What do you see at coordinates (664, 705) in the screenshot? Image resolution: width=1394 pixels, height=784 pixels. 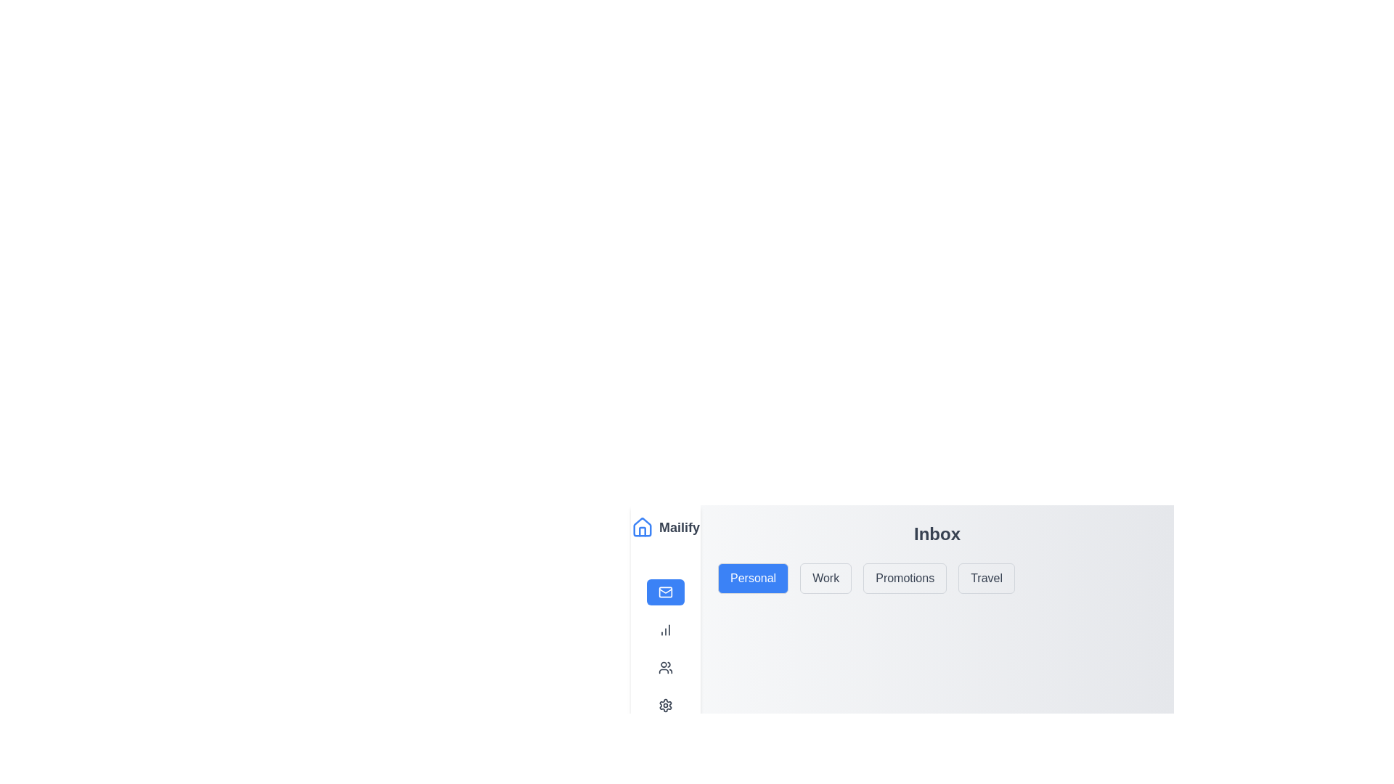 I see `the cogwheel-shaped icon representing the settings menu located at the bottom of the vertical navigation bar` at bounding box center [664, 705].